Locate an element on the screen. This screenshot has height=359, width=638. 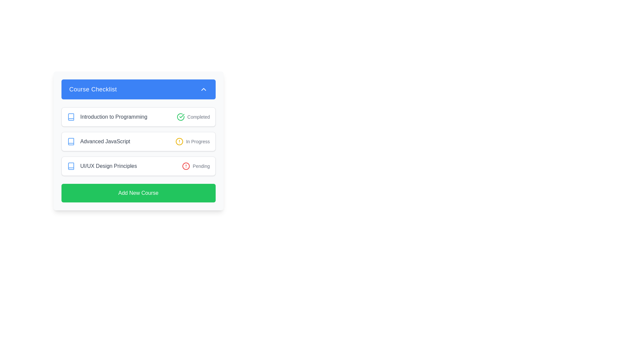
the list item representing the course 'Advanced JavaScript' in the Course Checklist, which is the second item in the vertical list is located at coordinates (138, 141).